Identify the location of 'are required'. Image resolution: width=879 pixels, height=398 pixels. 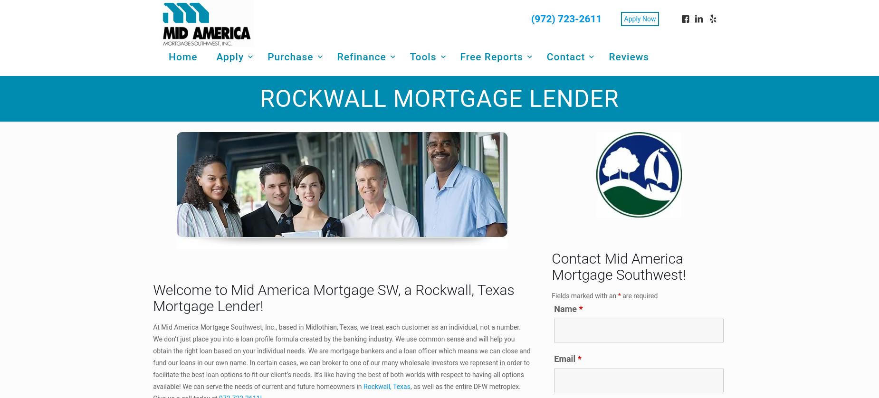
(638, 295).